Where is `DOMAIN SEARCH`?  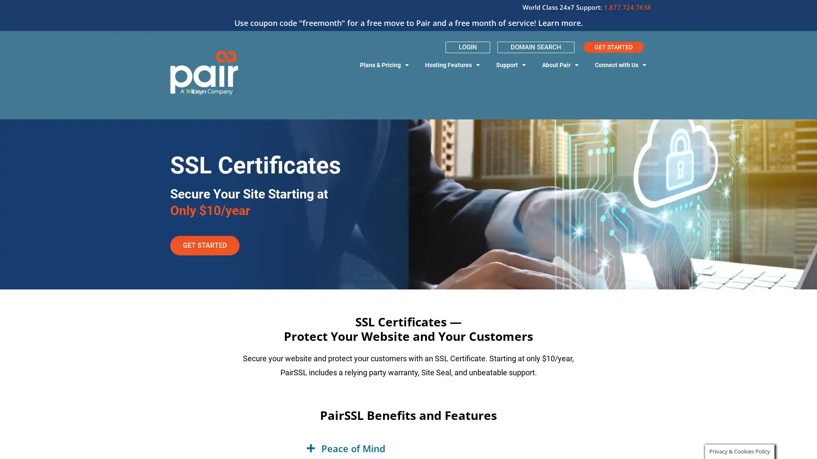 DOMAIN SEARCH is located at coordinates (535, 47).